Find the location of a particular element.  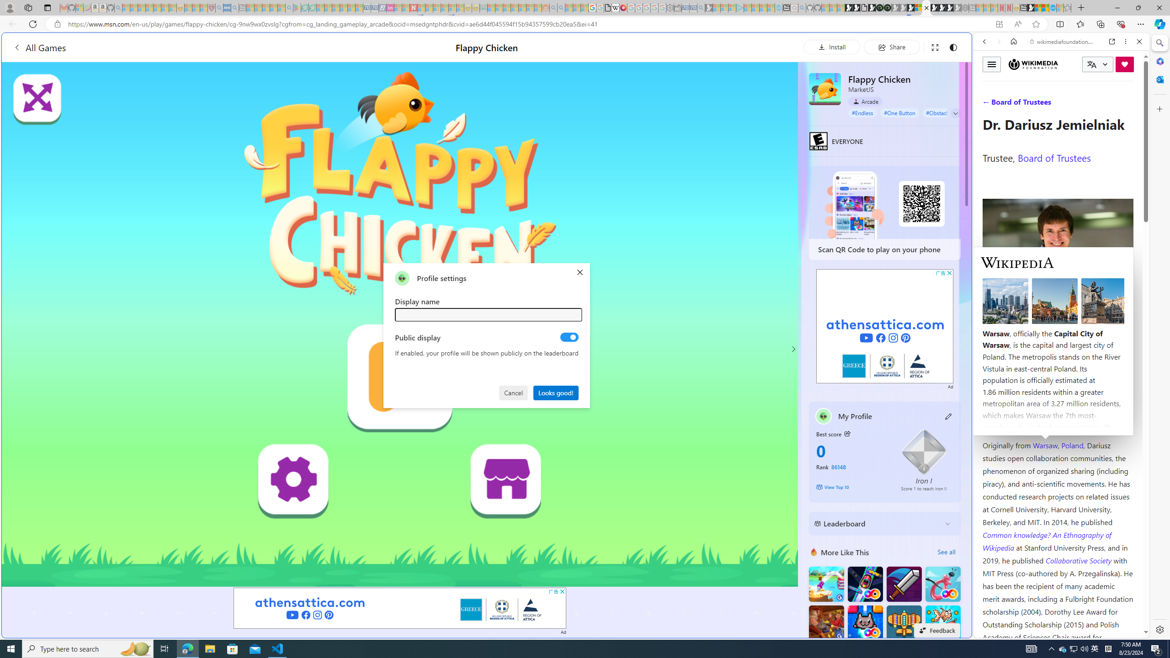

'Wikimedia Foundation' is located at coordinates (1032, 64).